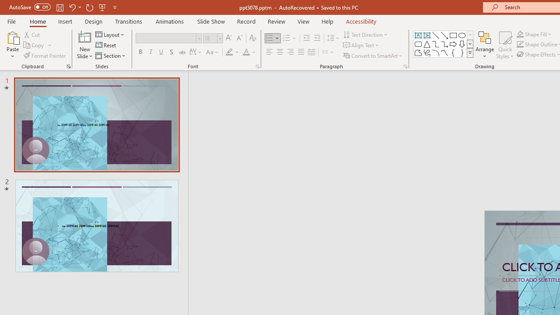  Describe the element at coordinates (328, 52) in the screenshot. I see `'Columns'` at that location.